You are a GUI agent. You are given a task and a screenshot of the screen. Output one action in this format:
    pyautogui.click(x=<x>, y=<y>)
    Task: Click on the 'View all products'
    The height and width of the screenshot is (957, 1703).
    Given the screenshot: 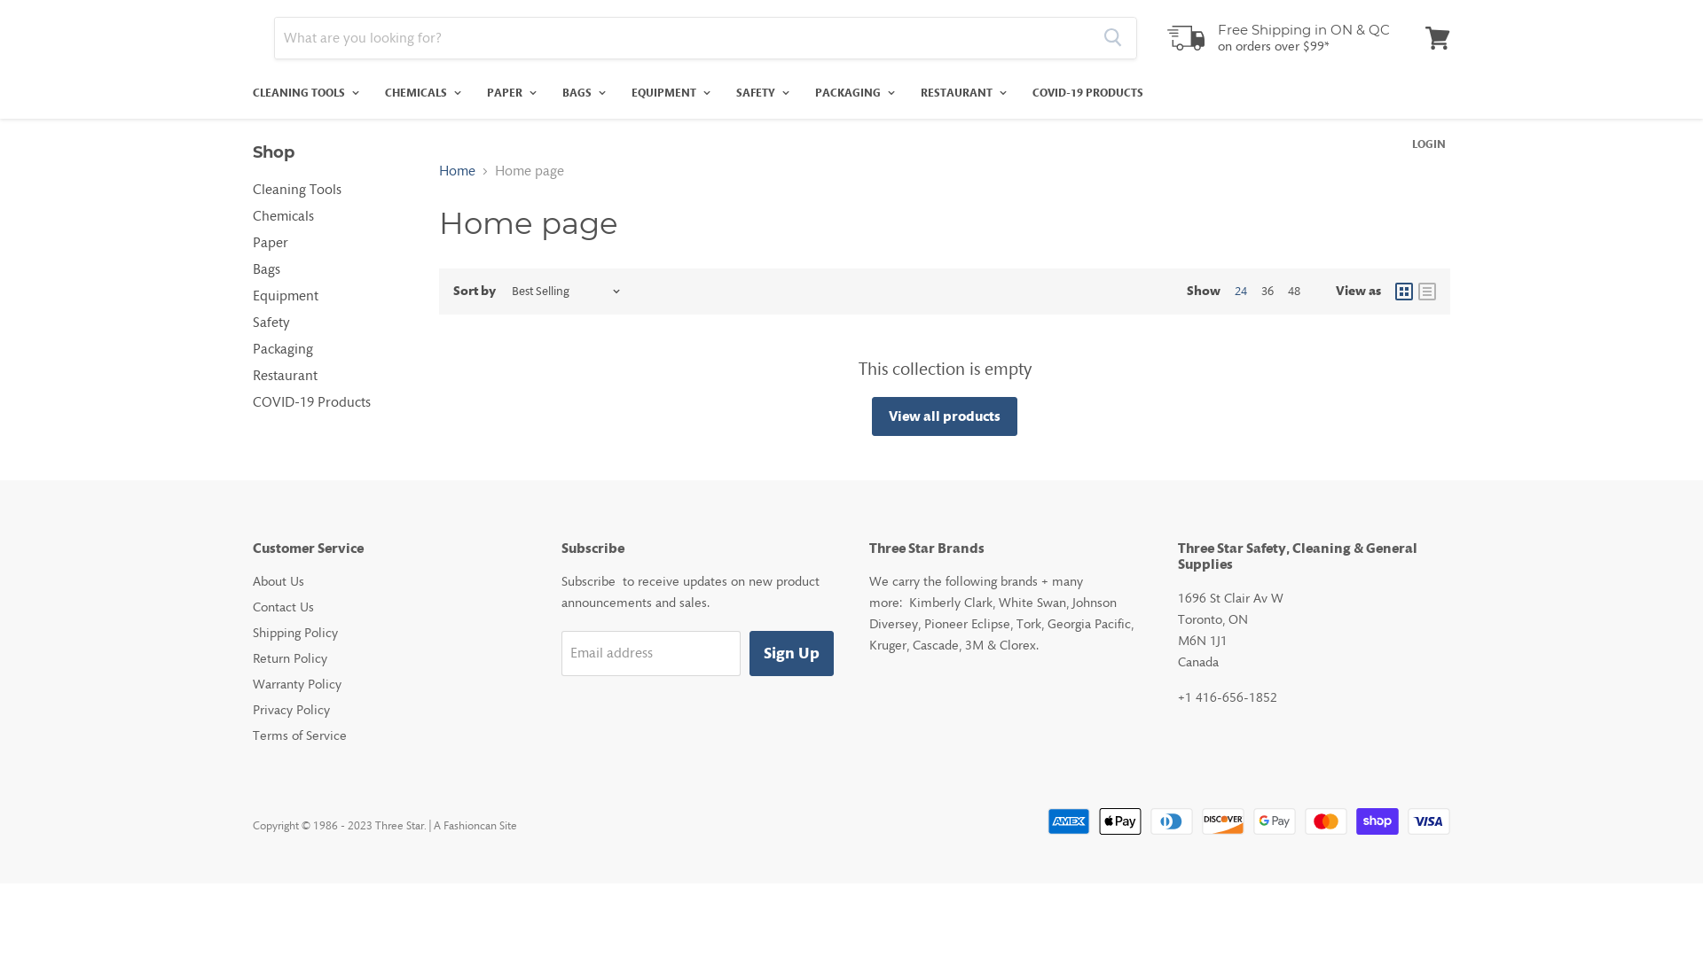 What is the action you would take?
    pyautogui.click(x=944, y=416)
    